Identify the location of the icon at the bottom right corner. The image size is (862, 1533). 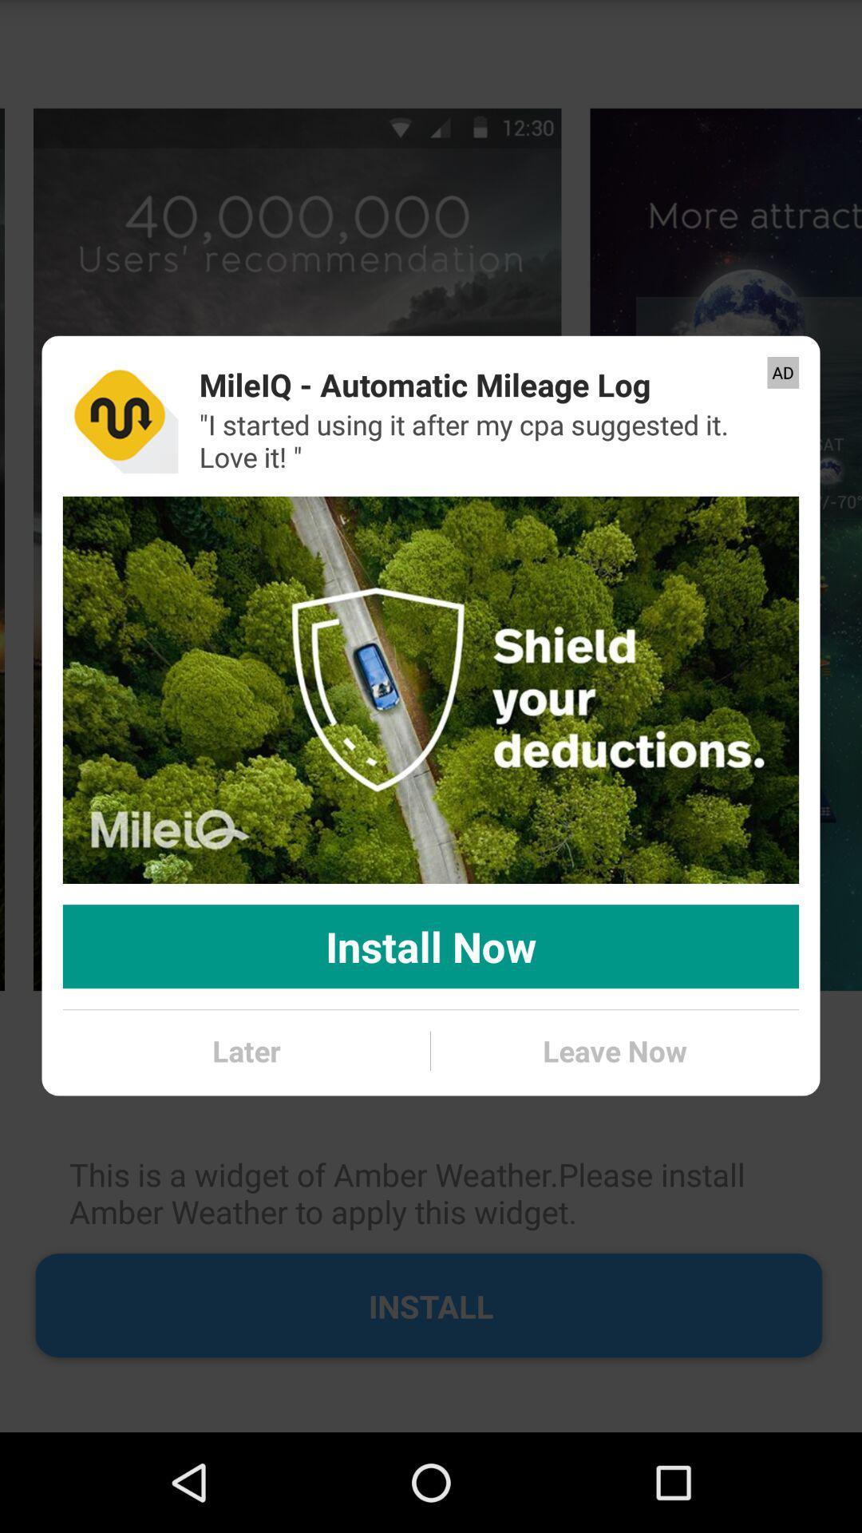
(614, 1051).